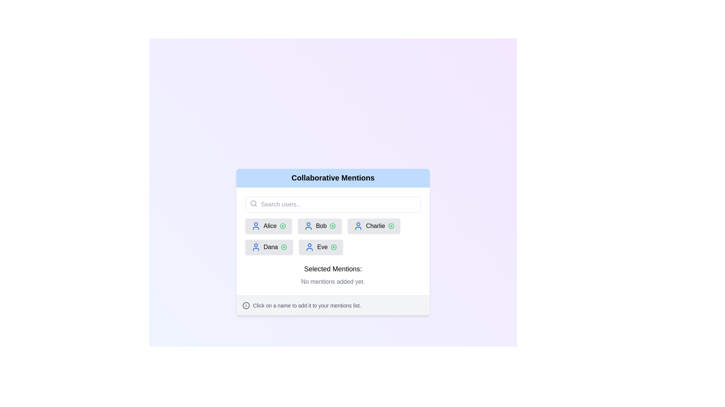  I want to click on the button, so click(319, 225).